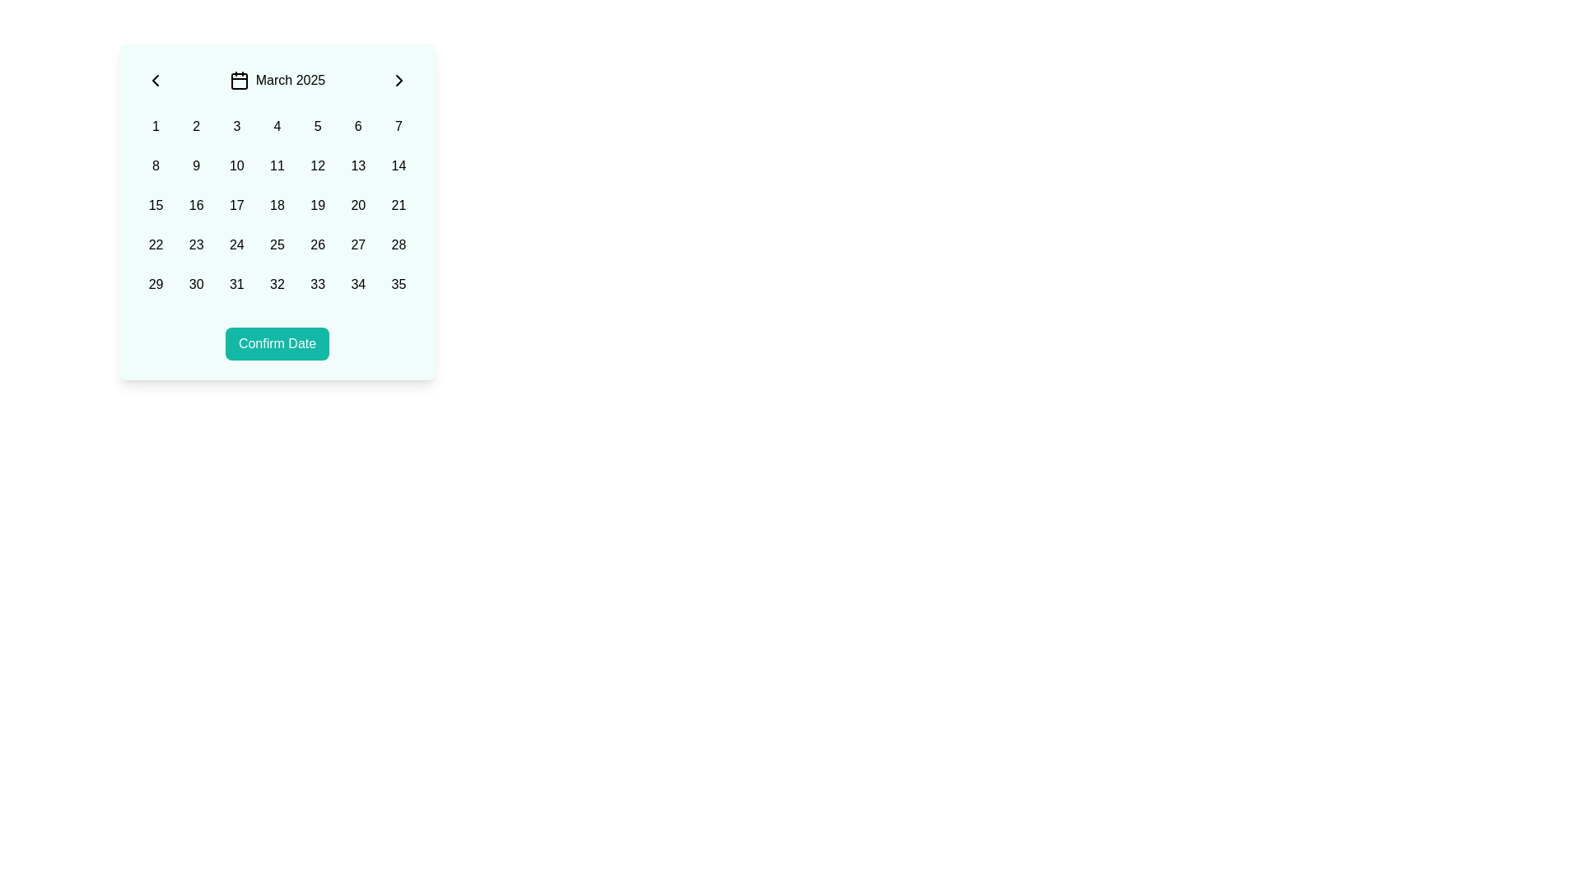 This screenshot has width=1581, height=889. What do you see at coordinates (357, 244) in the screenshot?
I see `the button representing the 27th date in the calendar` at bounding box center [357, 244].